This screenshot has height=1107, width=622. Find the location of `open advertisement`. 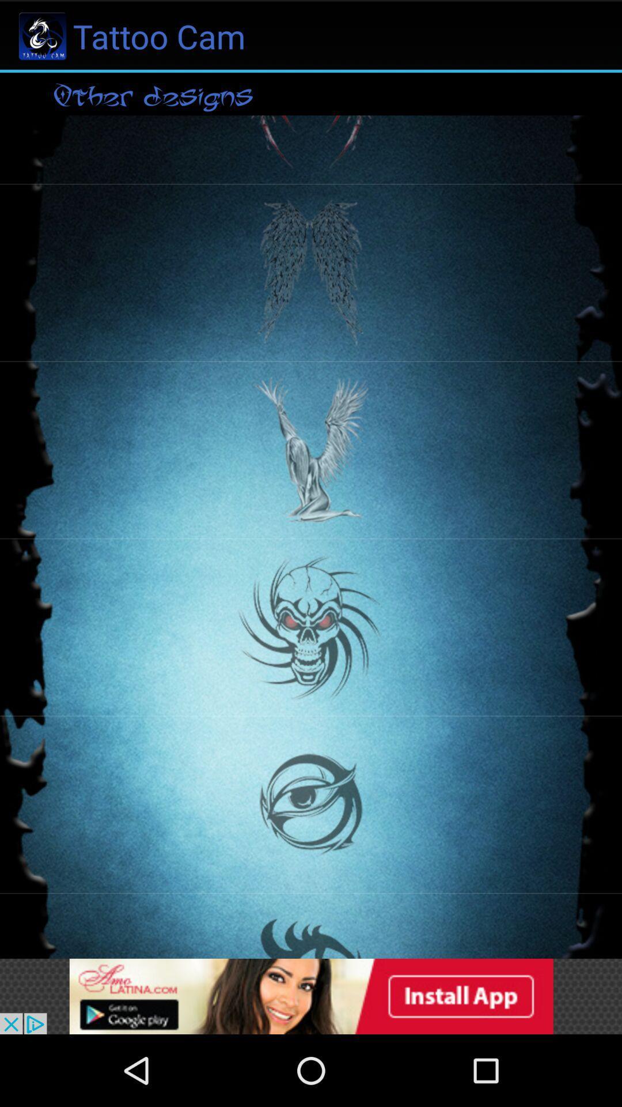

open advertisement is located at coordinates (311, 996).